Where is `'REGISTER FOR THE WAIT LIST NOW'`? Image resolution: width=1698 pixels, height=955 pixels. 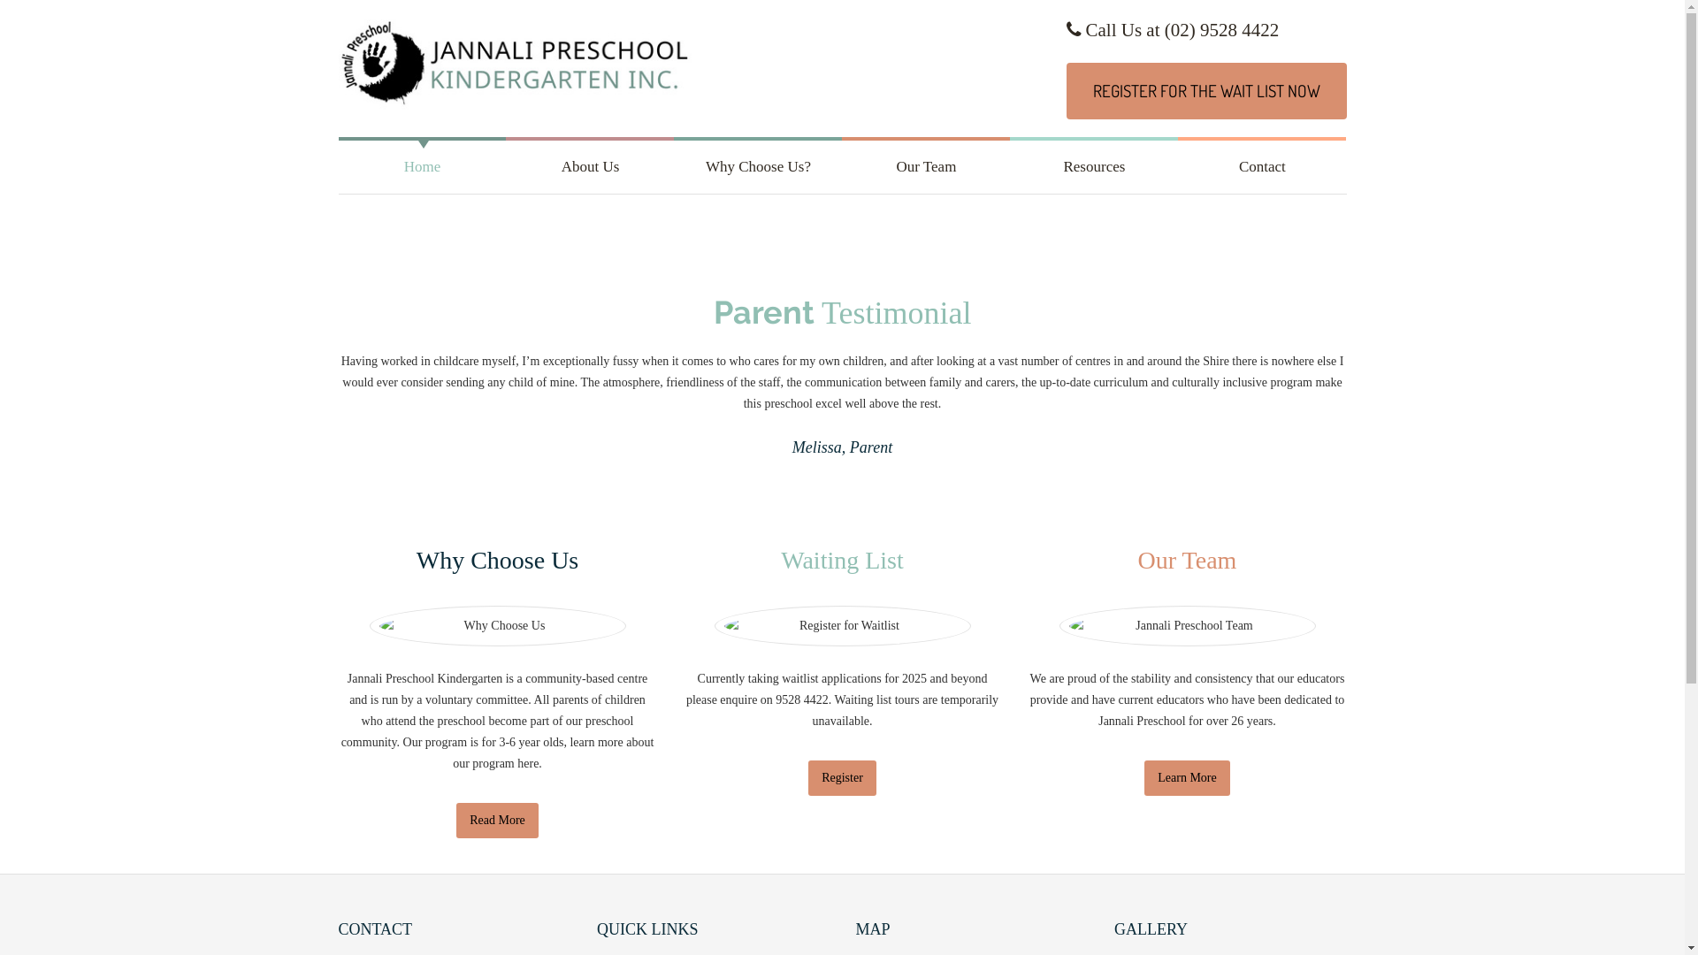 'REGISTER FOR THE WAIT LIST NOW' is located at coordinates (1205, 91).